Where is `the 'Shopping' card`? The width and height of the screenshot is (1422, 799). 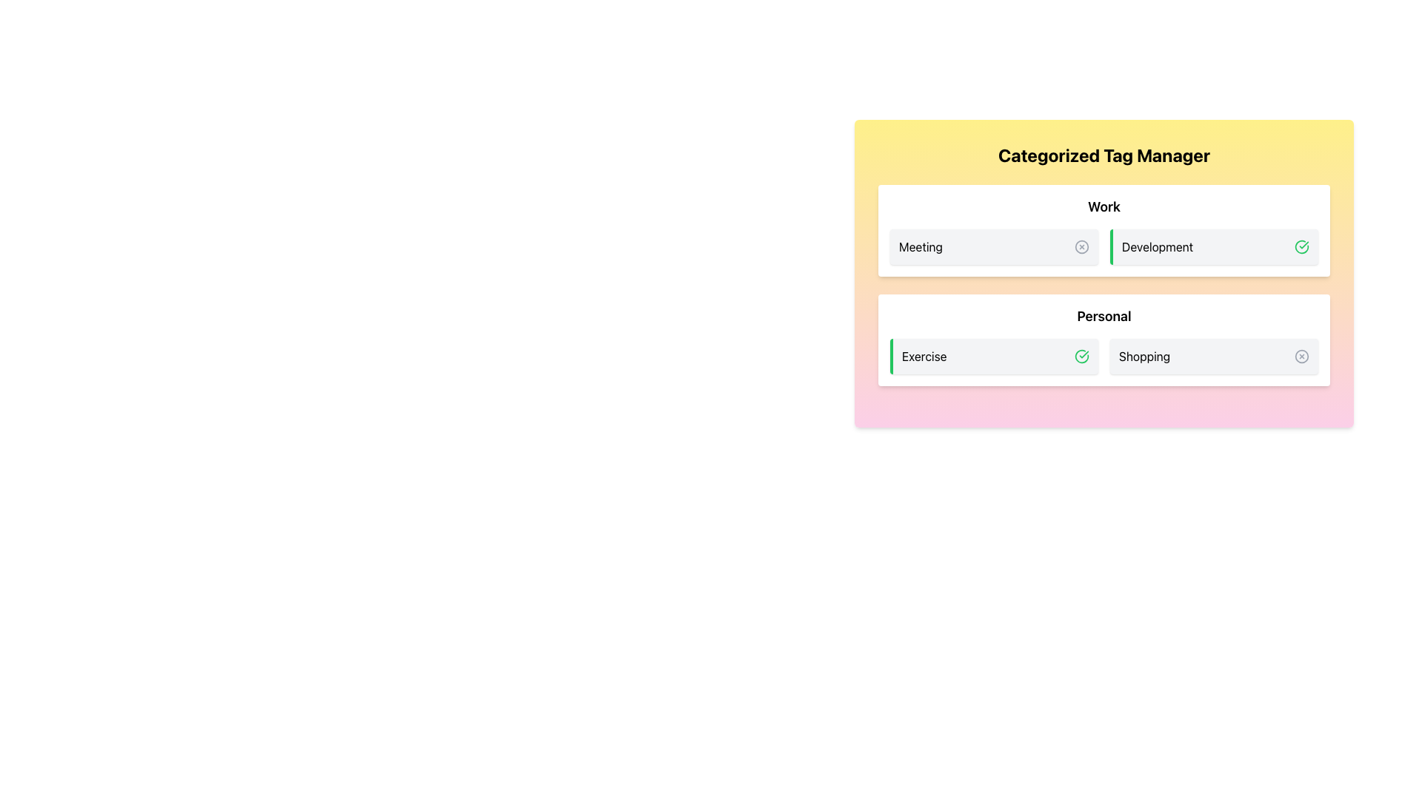 the 'Shopping' card is located at coordinates (1104, 340).